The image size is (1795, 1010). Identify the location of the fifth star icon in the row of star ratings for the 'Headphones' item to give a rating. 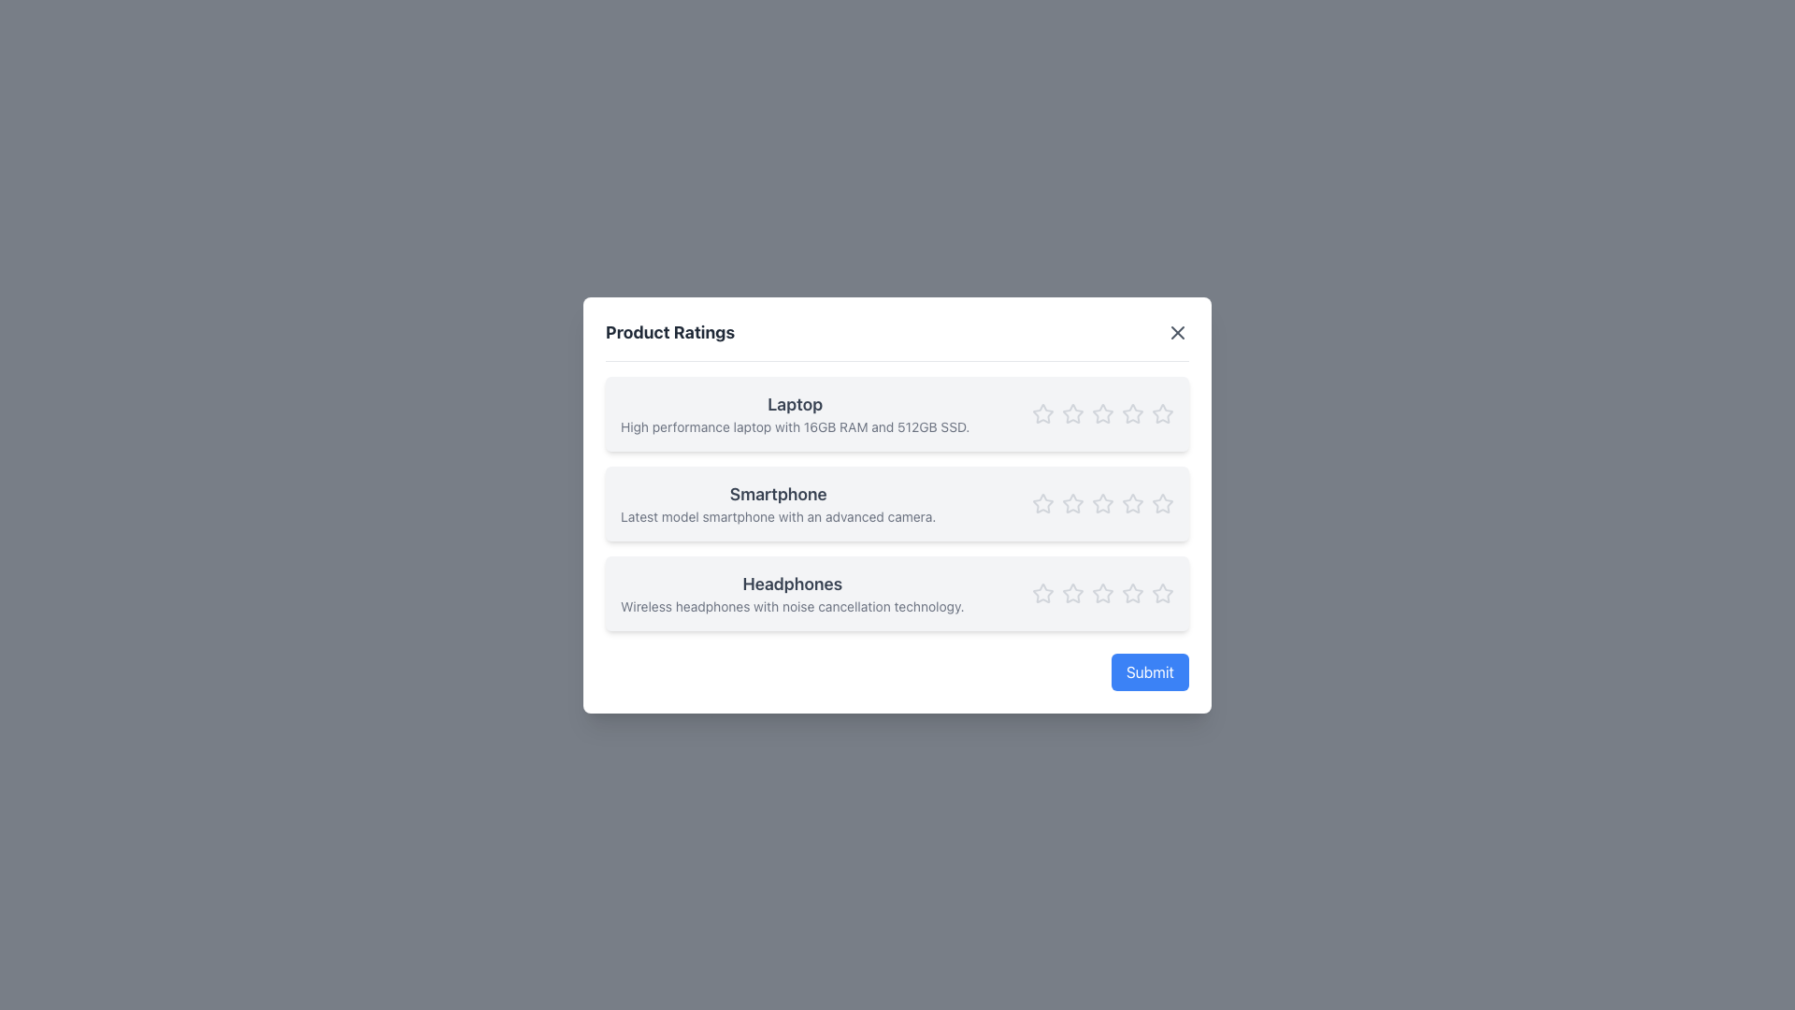
(1161, 592).